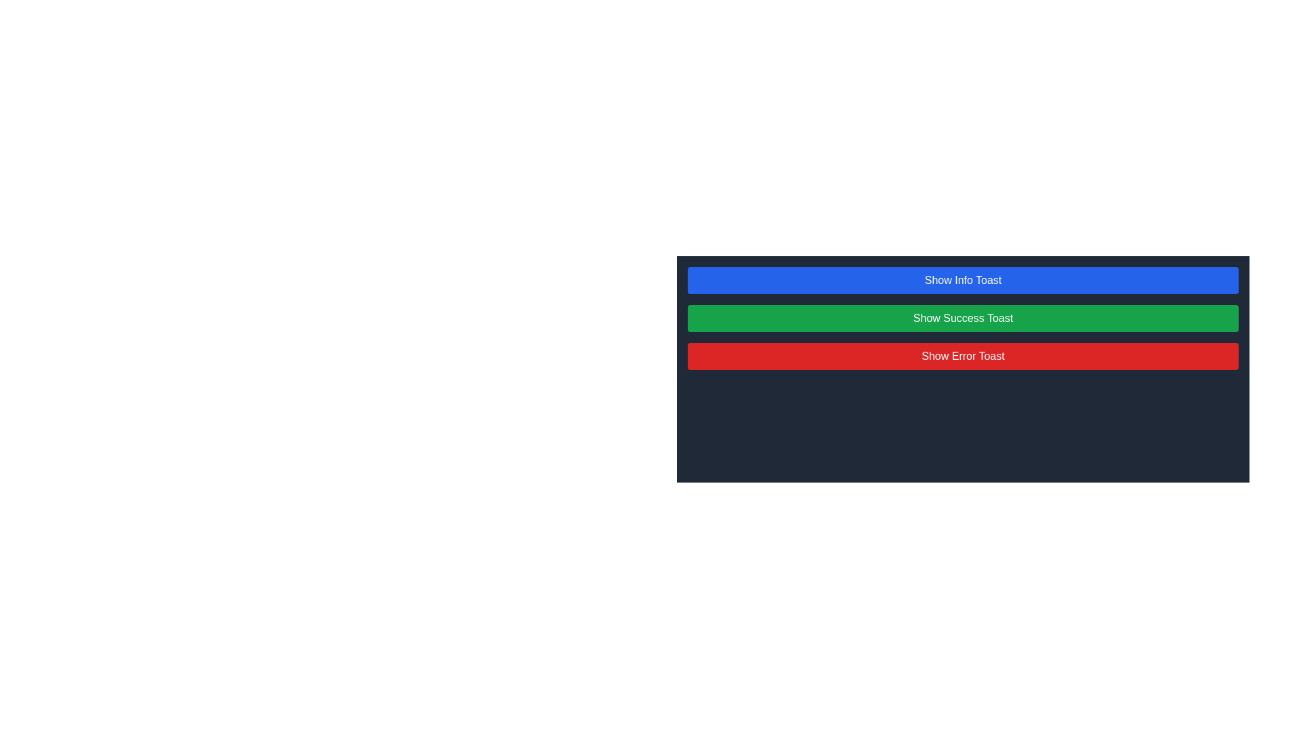 Image resolution: width=1301 pixels, height=732 pixels. I want to click on the success notification button, which is the second button in a vertical stack of three buttons, so click(962, 319).